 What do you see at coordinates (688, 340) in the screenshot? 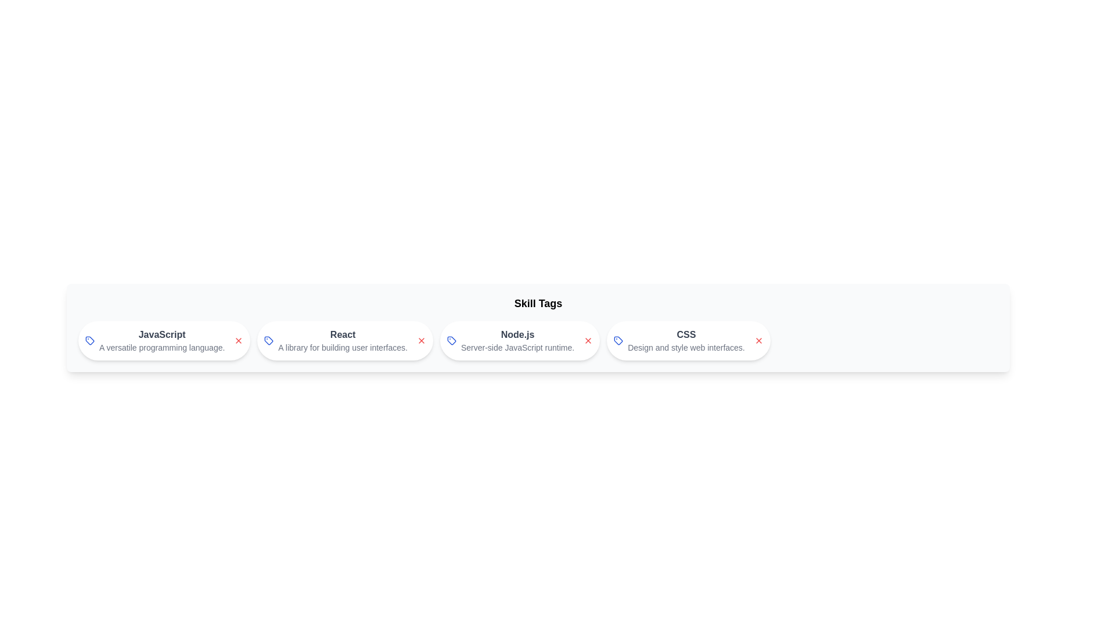
I see `the skill chip labeled CSS` at bounding box center [688, 340].